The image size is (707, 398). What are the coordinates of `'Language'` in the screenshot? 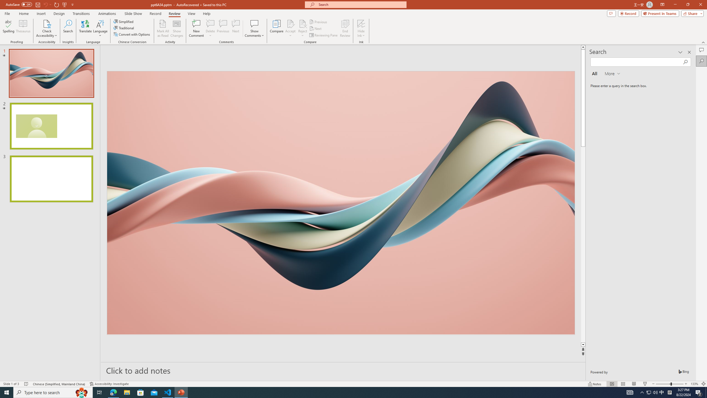 It's located at (100, 28).